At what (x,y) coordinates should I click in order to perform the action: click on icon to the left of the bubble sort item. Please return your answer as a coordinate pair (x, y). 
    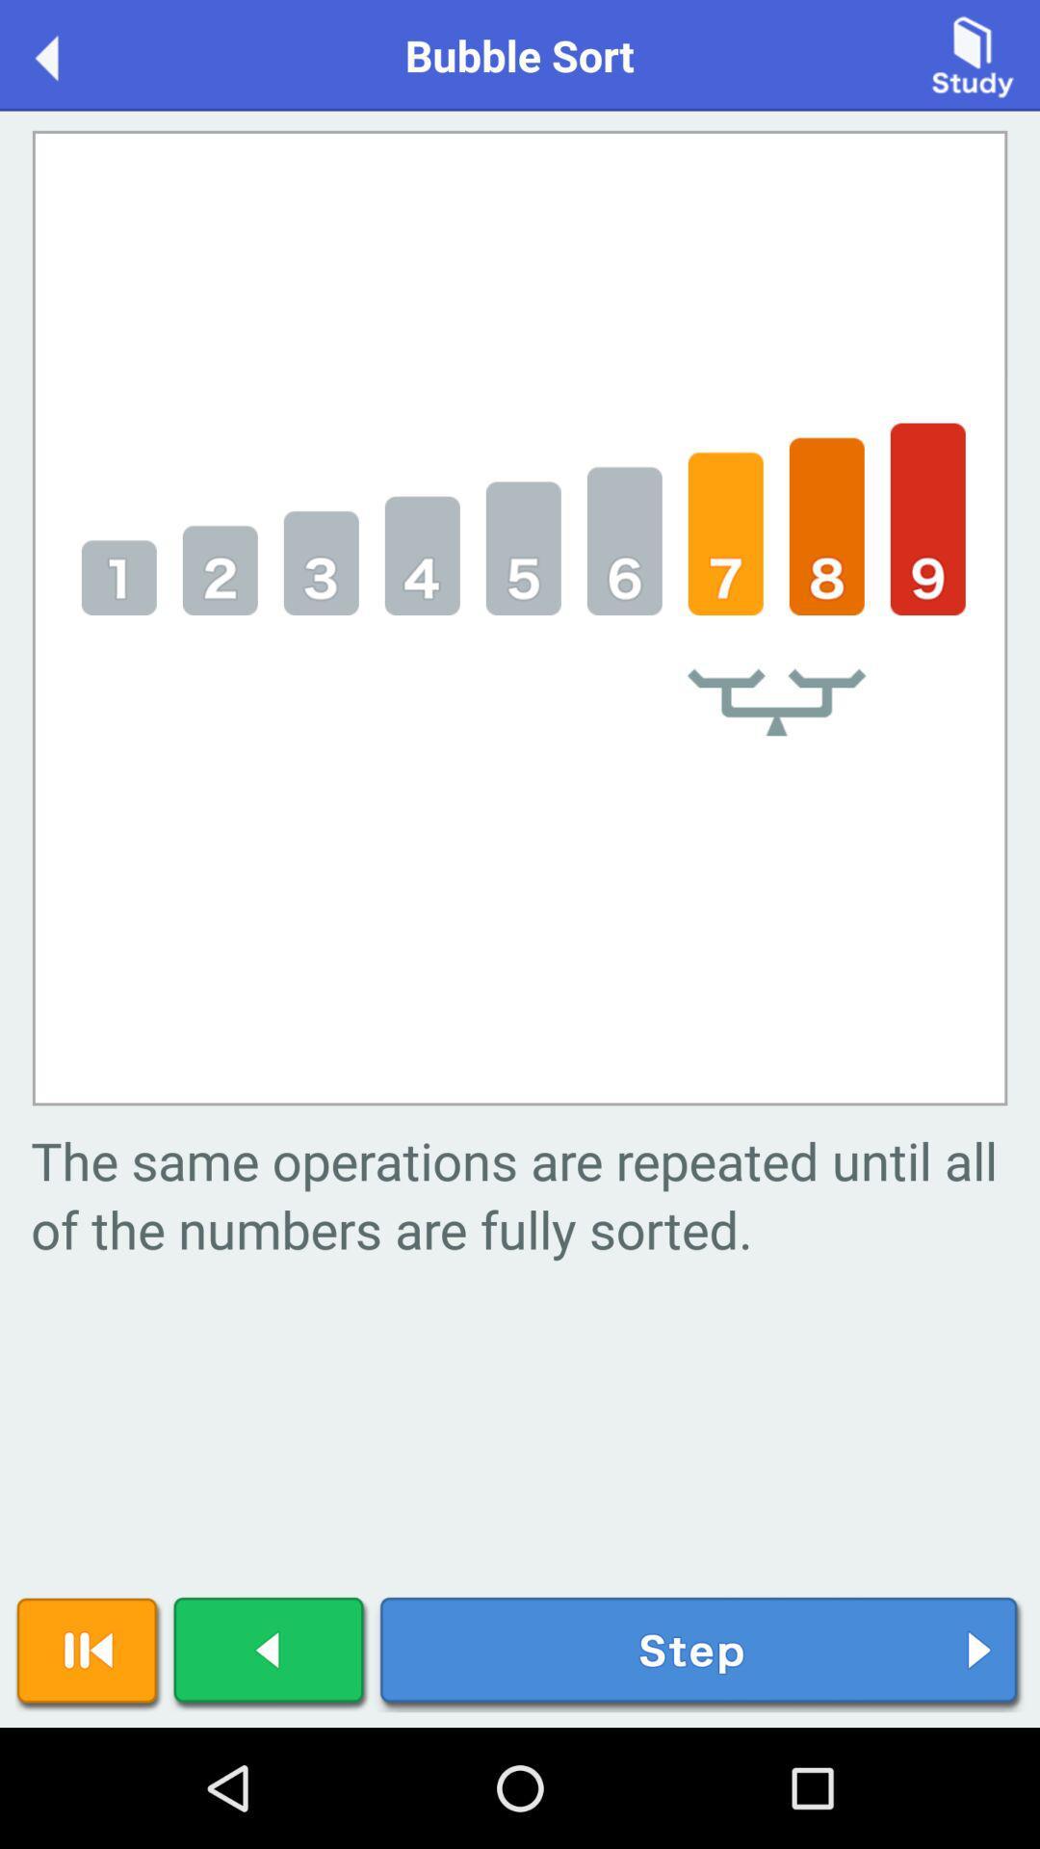
    Looking at the image, I should click on (65, 54).